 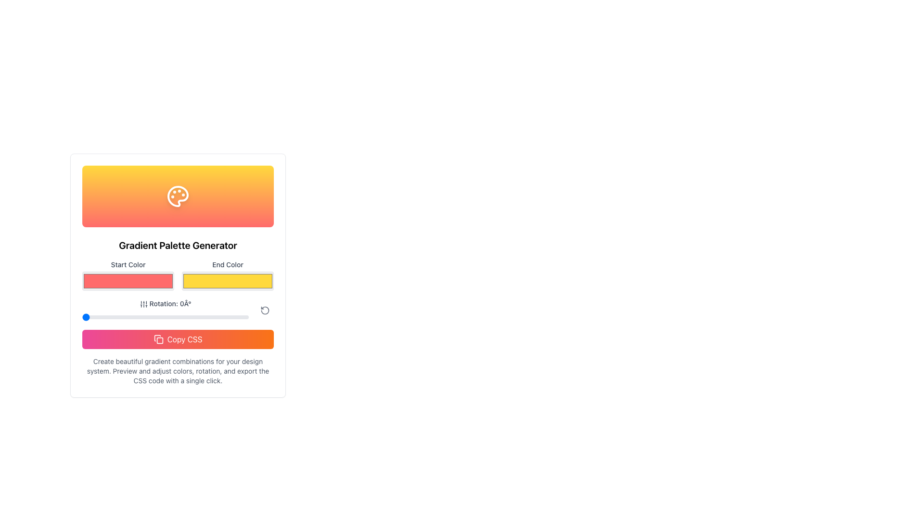 I want to click on rotation, so click(x=119, y=317).